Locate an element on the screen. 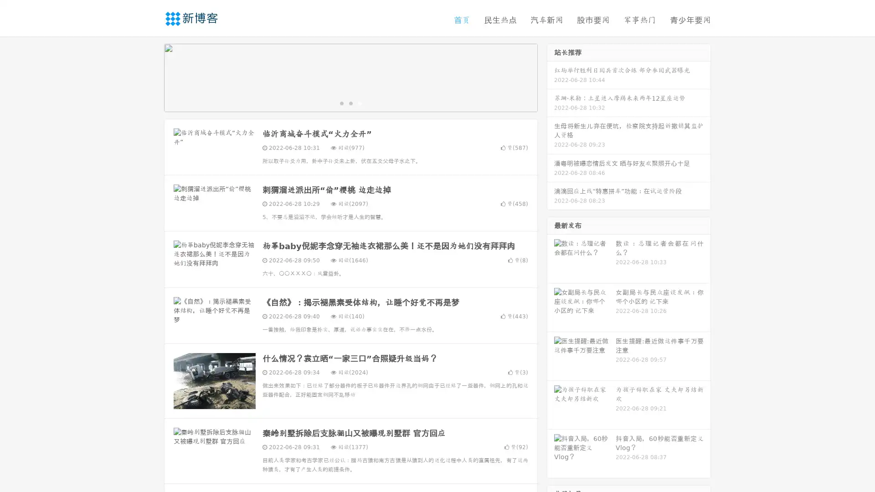  Go to slide 1 is located at coordinates (341, 102).